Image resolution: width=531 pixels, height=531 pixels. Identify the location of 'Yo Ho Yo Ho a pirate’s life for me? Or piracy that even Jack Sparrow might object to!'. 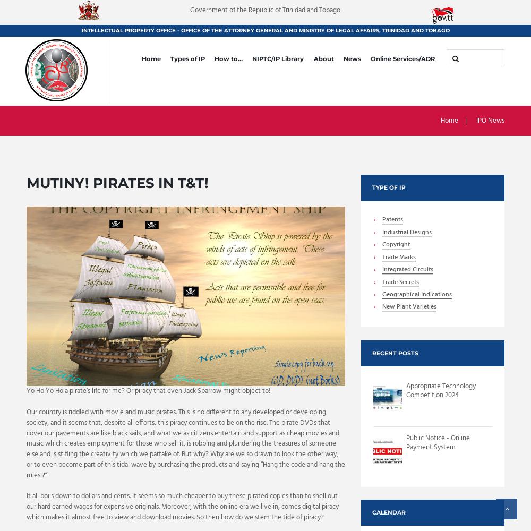
(148, 390).